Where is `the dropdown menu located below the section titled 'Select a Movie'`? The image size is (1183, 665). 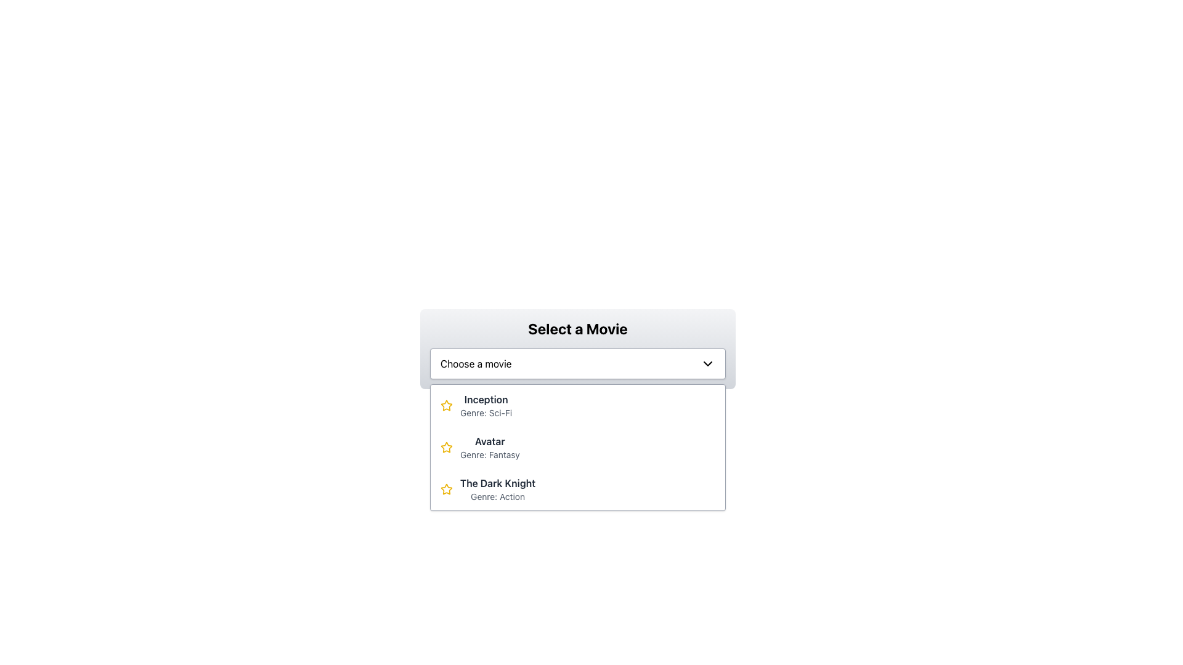
the dropdown menu located below the section titled 'Select a Movie' is located at coordinates (577, 363).